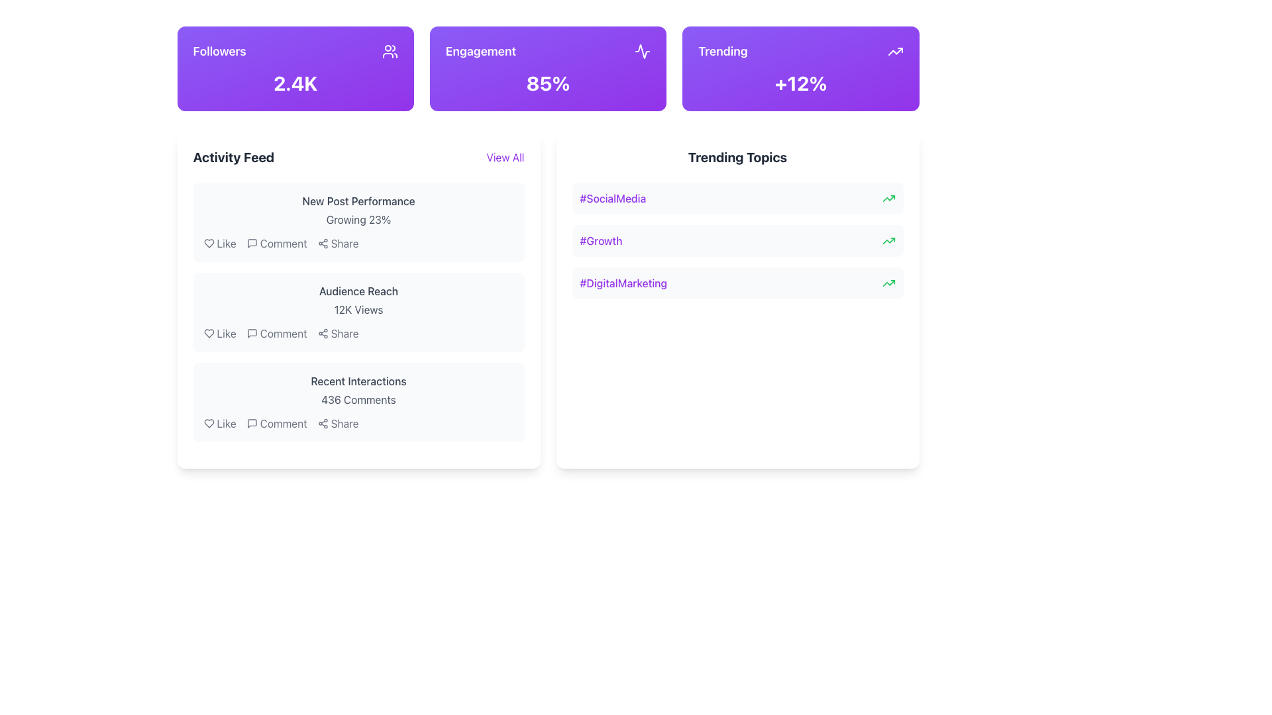 Image resolution: width=1272 pixels, height=715 pixels. I want to click on the share icon button located in the 'Activity Feed' section below the 'Audience Reach' subsection to share the associated content, so click(323, 333).